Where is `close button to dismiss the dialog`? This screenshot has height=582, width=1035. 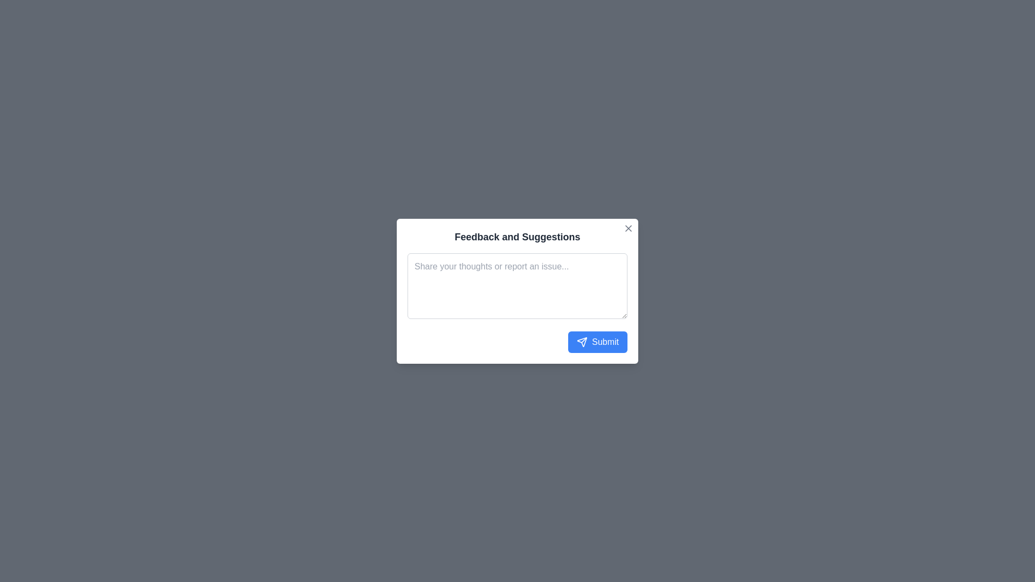 close button to dismiss the dialog is located at coordinates (629, 227).